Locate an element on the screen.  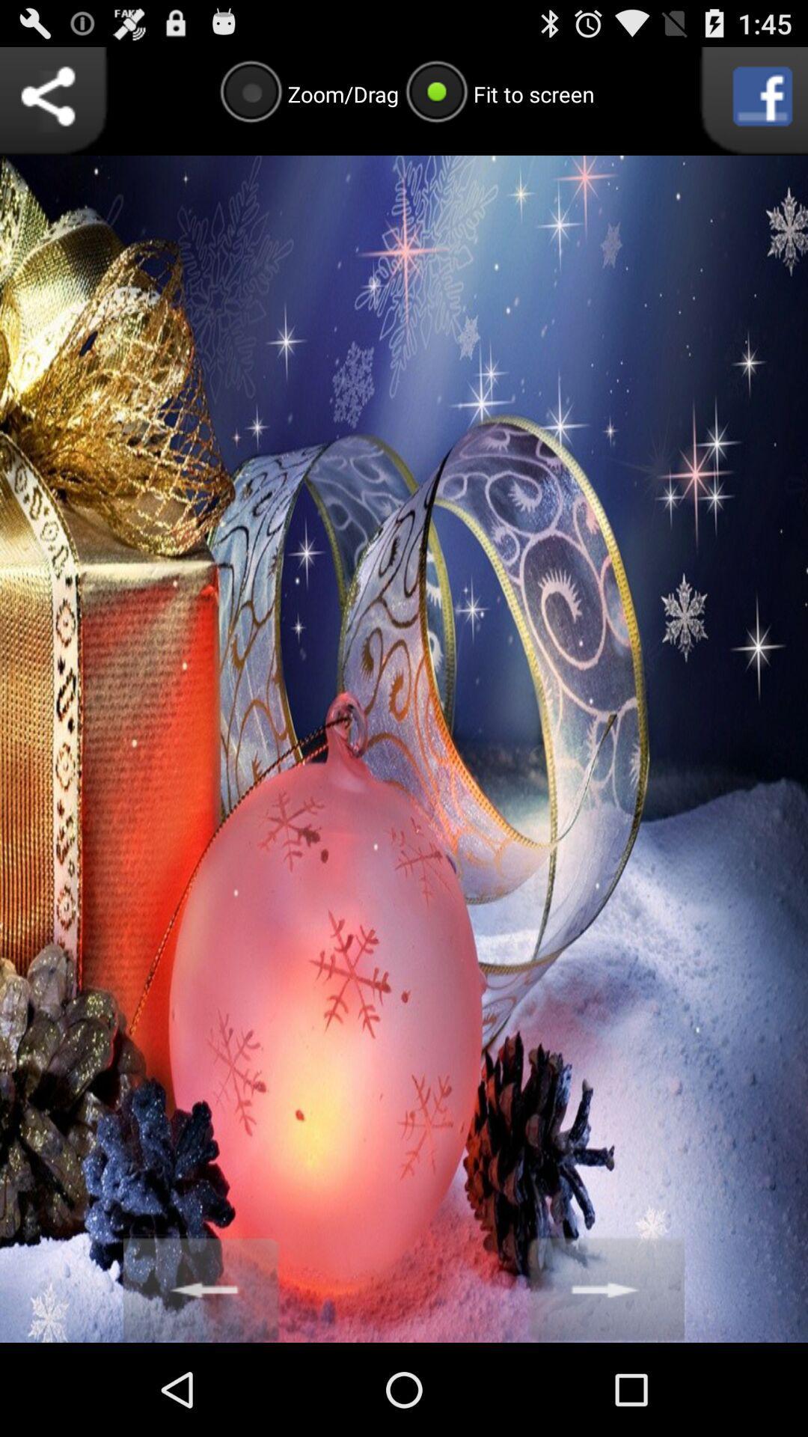
next is located at coordinates (606, 1287).